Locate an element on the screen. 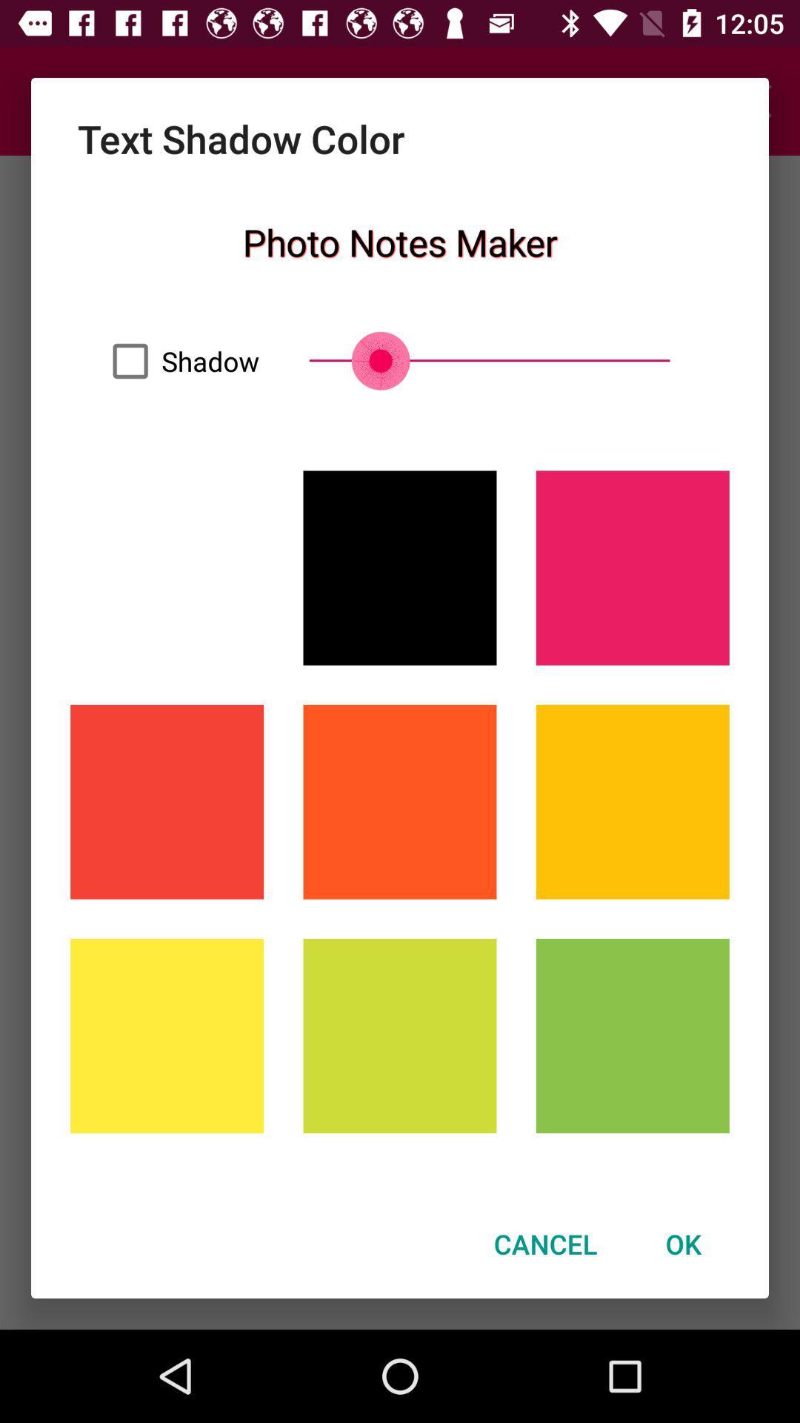 The height and width of the screenshot is (1423, 800). item to the right of cancel item is located at coordinates (683, 1244).